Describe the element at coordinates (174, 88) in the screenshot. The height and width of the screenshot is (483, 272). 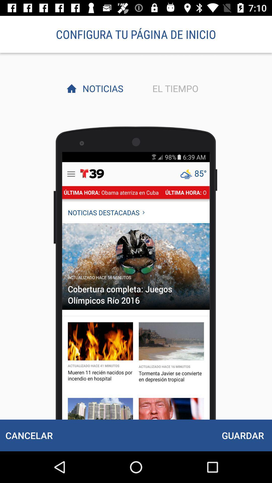
I see `el tiempo icon` at that location.